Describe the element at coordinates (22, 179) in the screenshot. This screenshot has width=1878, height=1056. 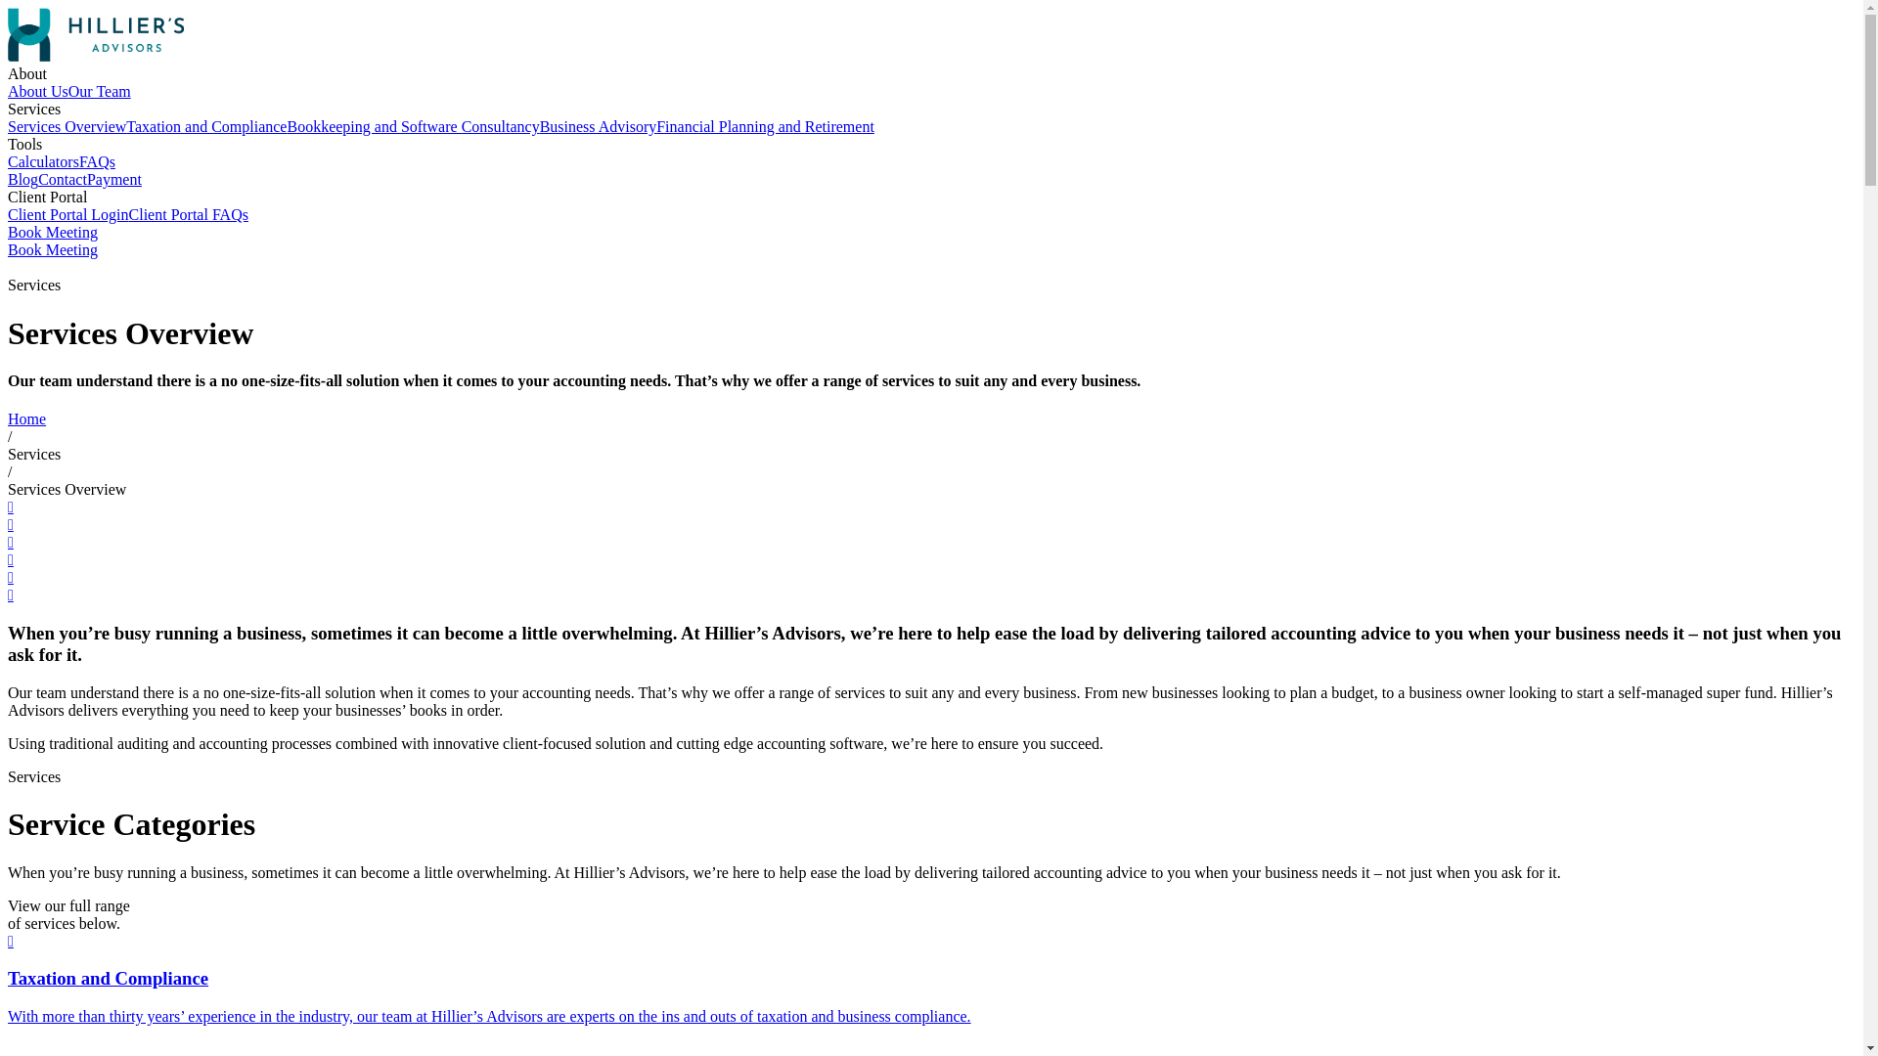
I see `'Blog'` at that location.